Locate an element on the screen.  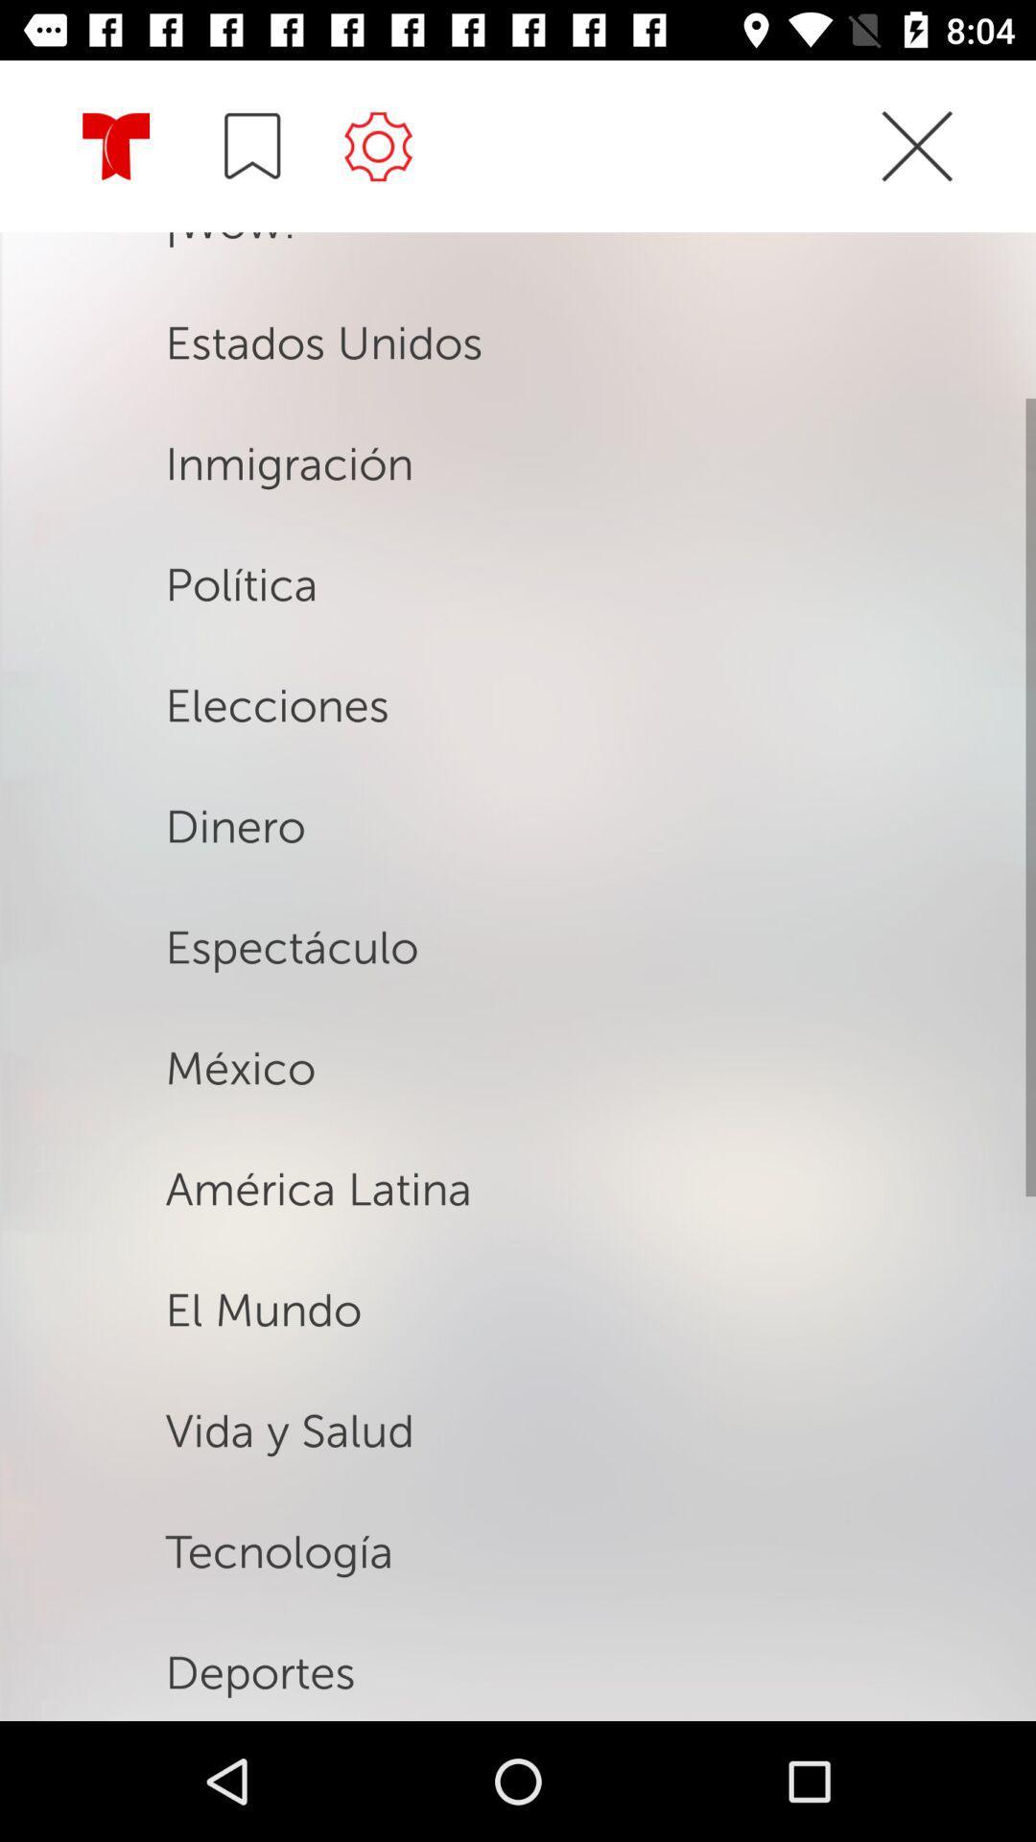
the star icon is located at coordinates (116, 147).